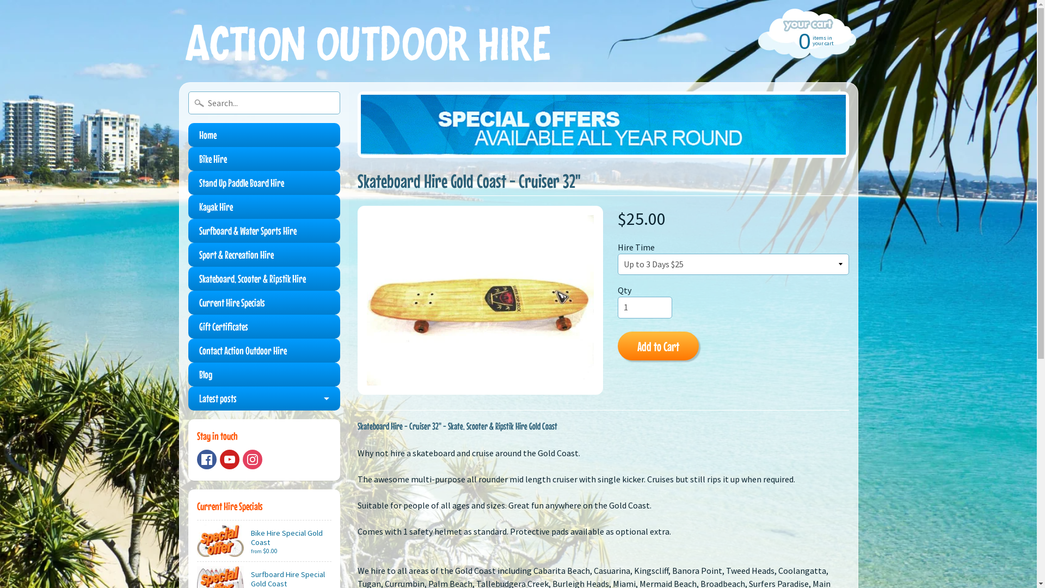  I want to click on 'Sport & Recreation Hire', so click(264, 254).